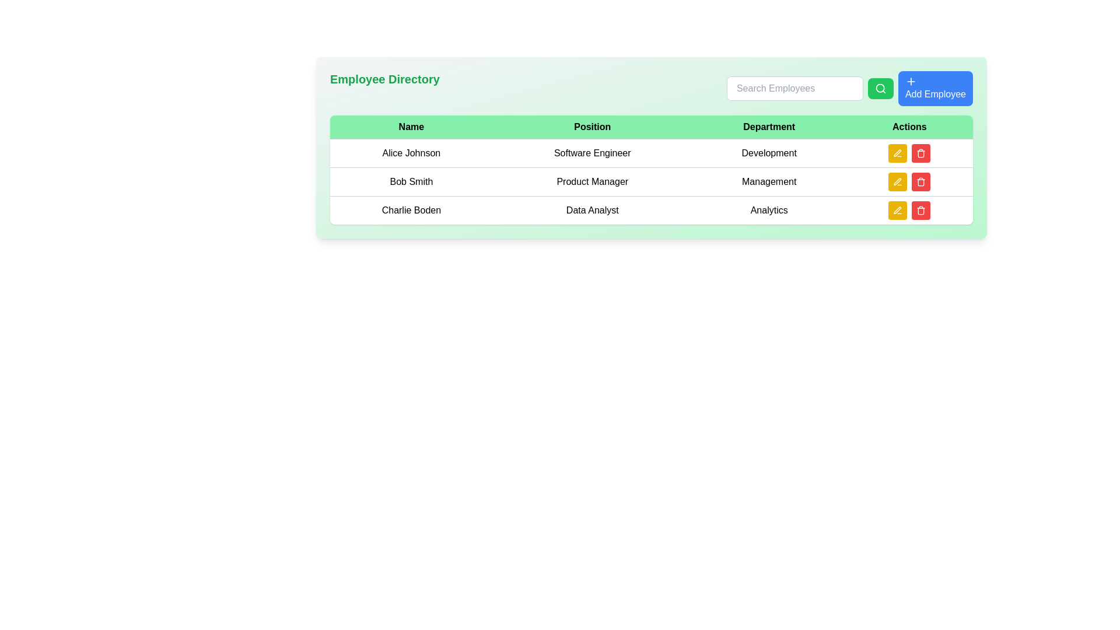 This screenshot has height=630, width=1120. I want to click on the text label displaying 'Development' in black, located in the third column of the details row for 'Alice Johnson', adjacent to 'Software Engineer' and 'Actions', so click(769, 152).